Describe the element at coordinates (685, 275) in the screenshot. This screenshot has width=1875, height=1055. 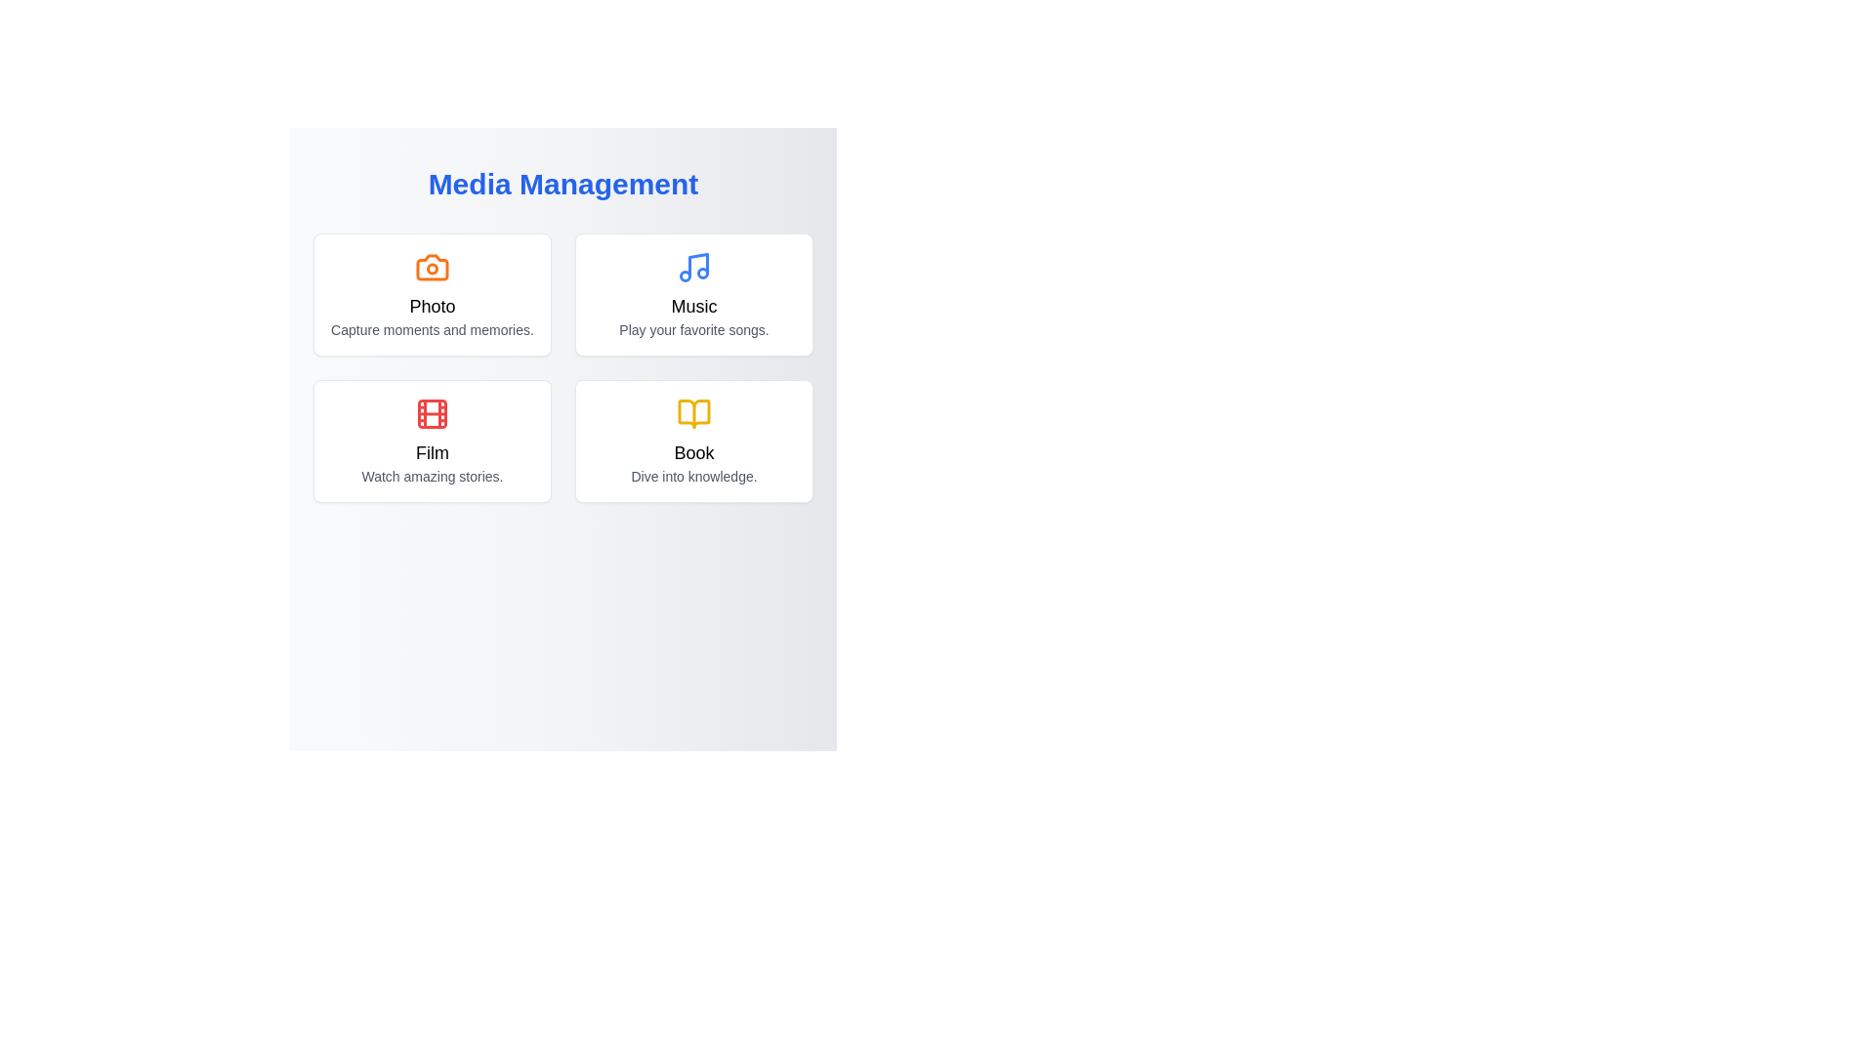
I see `the decorative shape located at the left-bottom position of the 'Music' card's icon, which enhances its visual appeal` at that location.